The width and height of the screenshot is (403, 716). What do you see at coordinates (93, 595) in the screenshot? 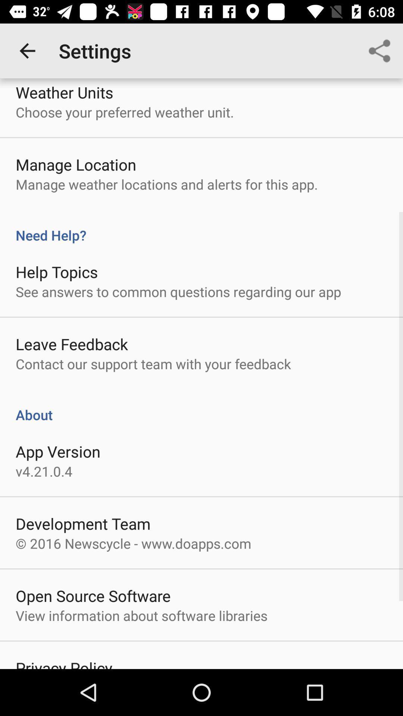
I see `open source software item` at bounding box center [93, 595].